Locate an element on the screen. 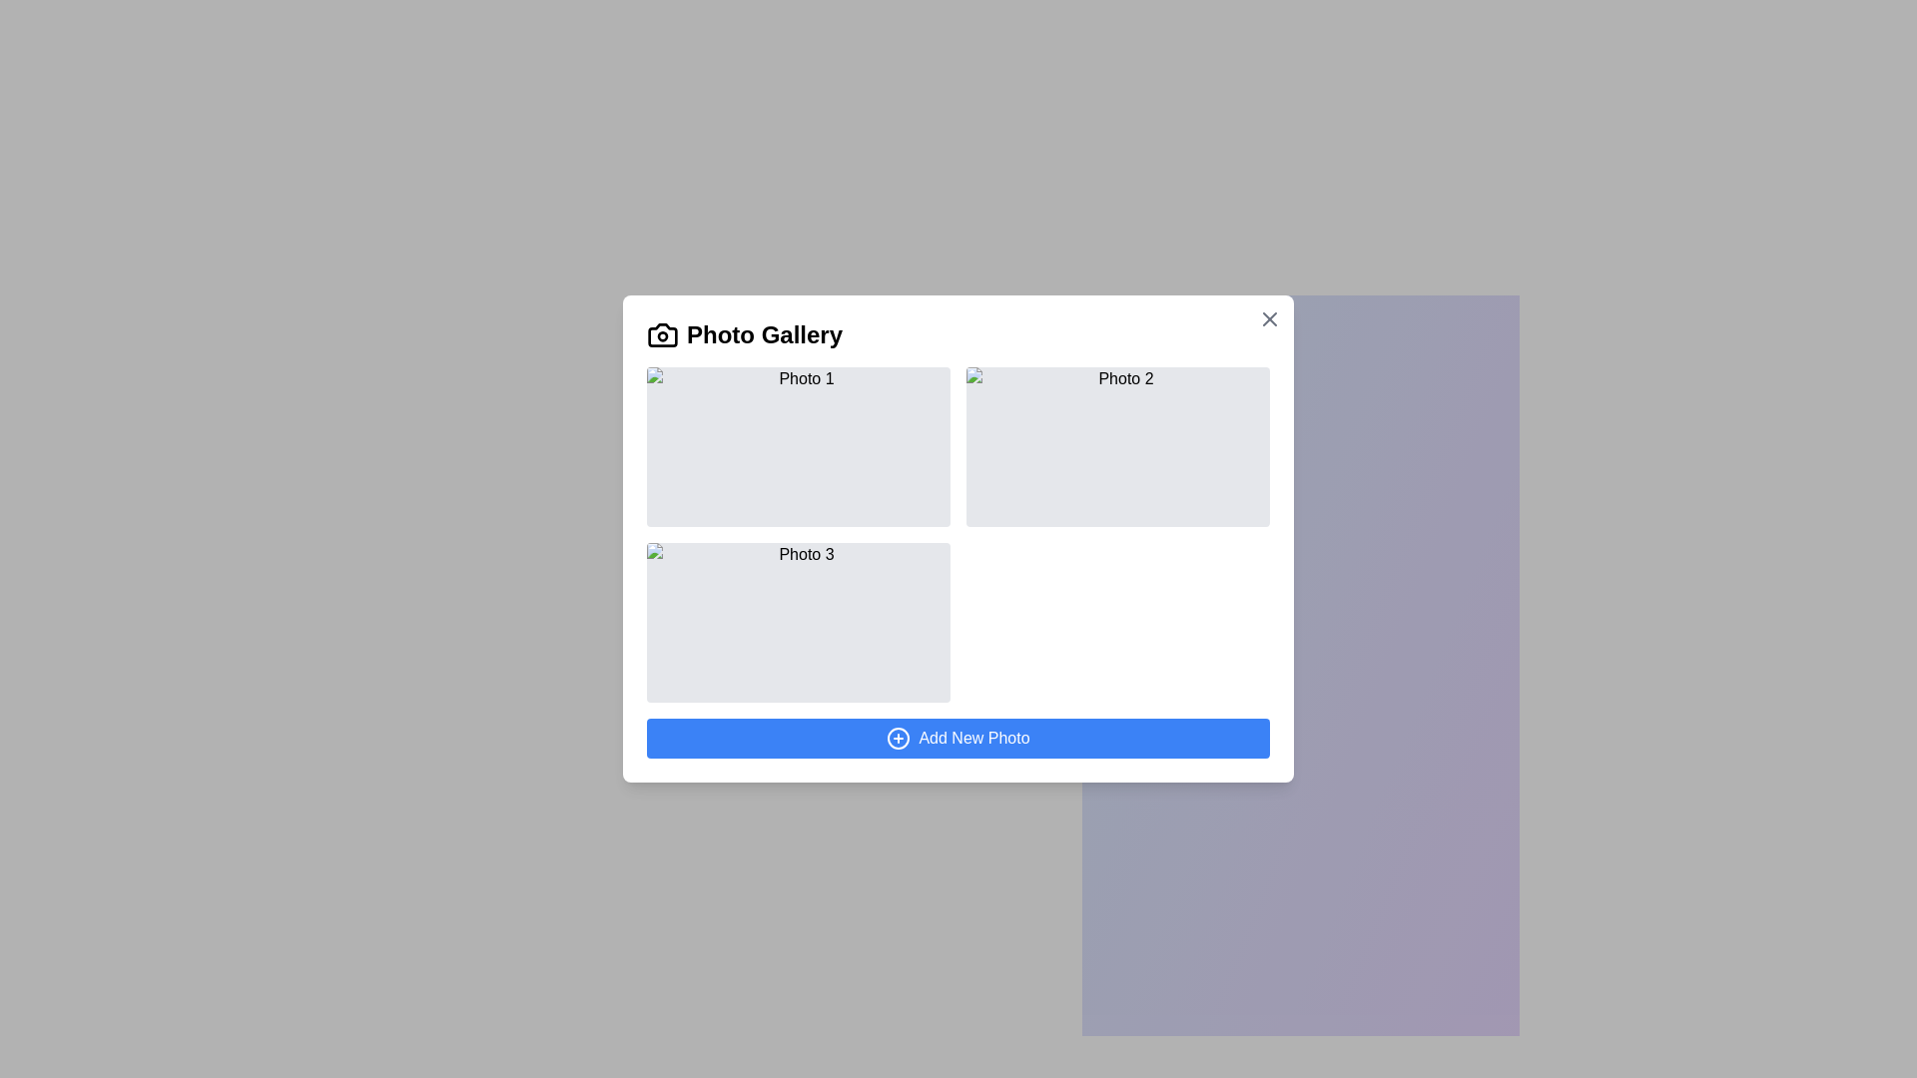 This screenshot has width=1917, height=1078. the decorative camera icon located in the 'Photo Gallery' modal, positioned to the upper-left corner, directly left of the title text is located at coordinates (662, 333).